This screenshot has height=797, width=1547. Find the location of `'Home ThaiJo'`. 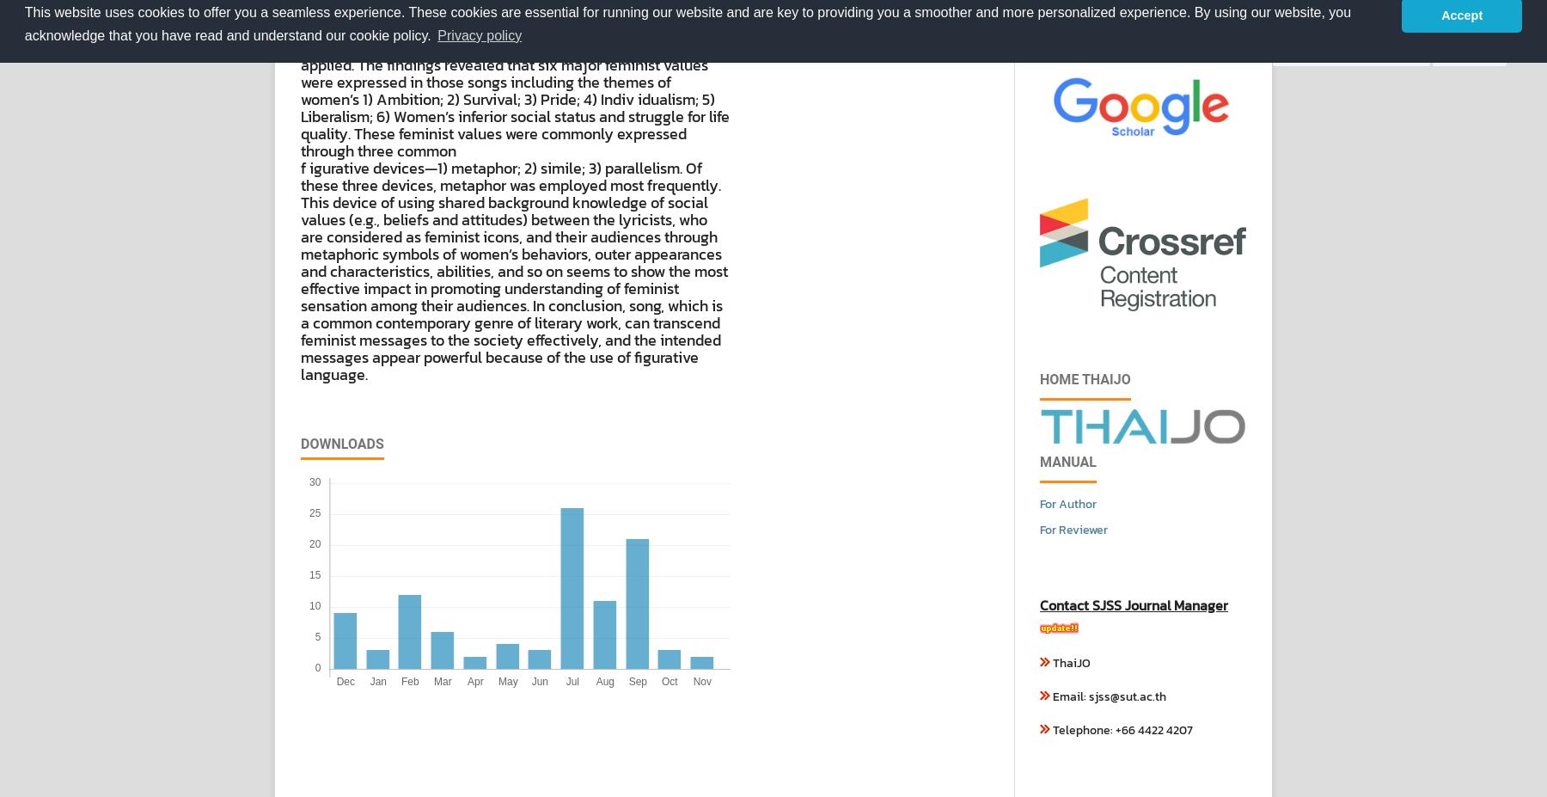

'Home ThaiJo' is located at coordinates (1085, 378).